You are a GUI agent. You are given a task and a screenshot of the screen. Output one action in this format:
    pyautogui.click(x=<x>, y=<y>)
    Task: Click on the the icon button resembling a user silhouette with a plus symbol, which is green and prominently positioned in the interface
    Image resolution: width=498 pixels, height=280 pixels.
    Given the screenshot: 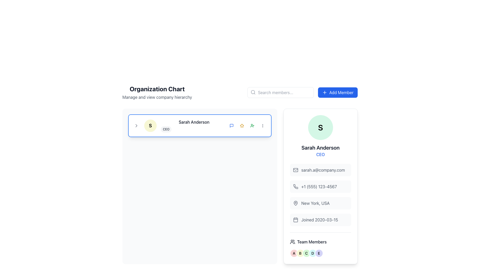 What is the action you would take?
    pyautogui.click(x=252, y=126)
    